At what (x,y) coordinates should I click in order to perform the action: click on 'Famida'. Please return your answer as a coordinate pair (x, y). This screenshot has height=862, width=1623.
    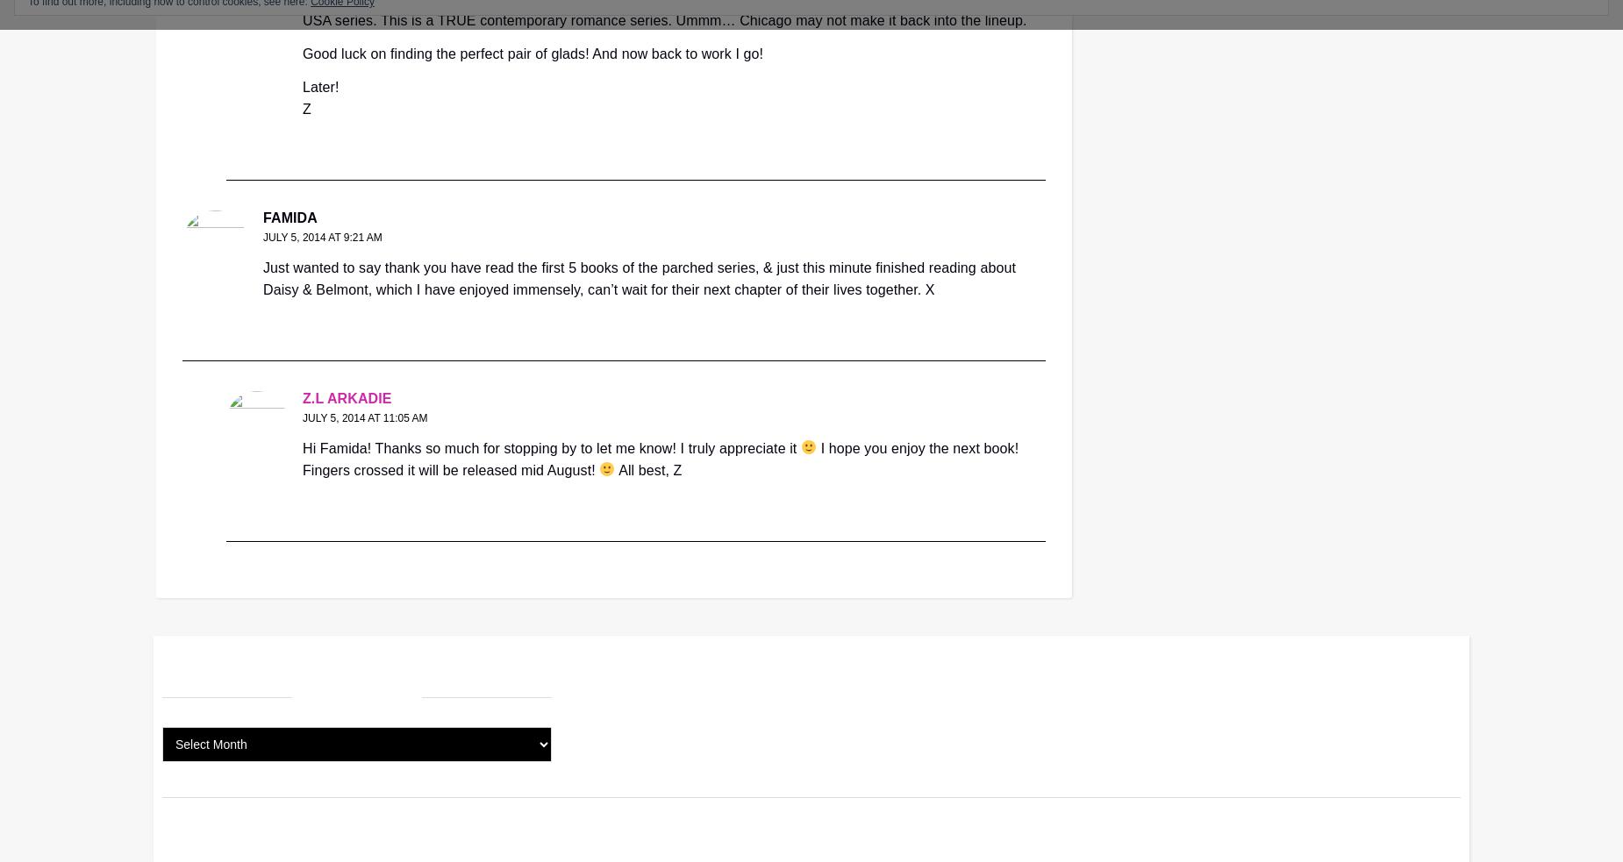
    Looking at the image, I should click on (289, 217).